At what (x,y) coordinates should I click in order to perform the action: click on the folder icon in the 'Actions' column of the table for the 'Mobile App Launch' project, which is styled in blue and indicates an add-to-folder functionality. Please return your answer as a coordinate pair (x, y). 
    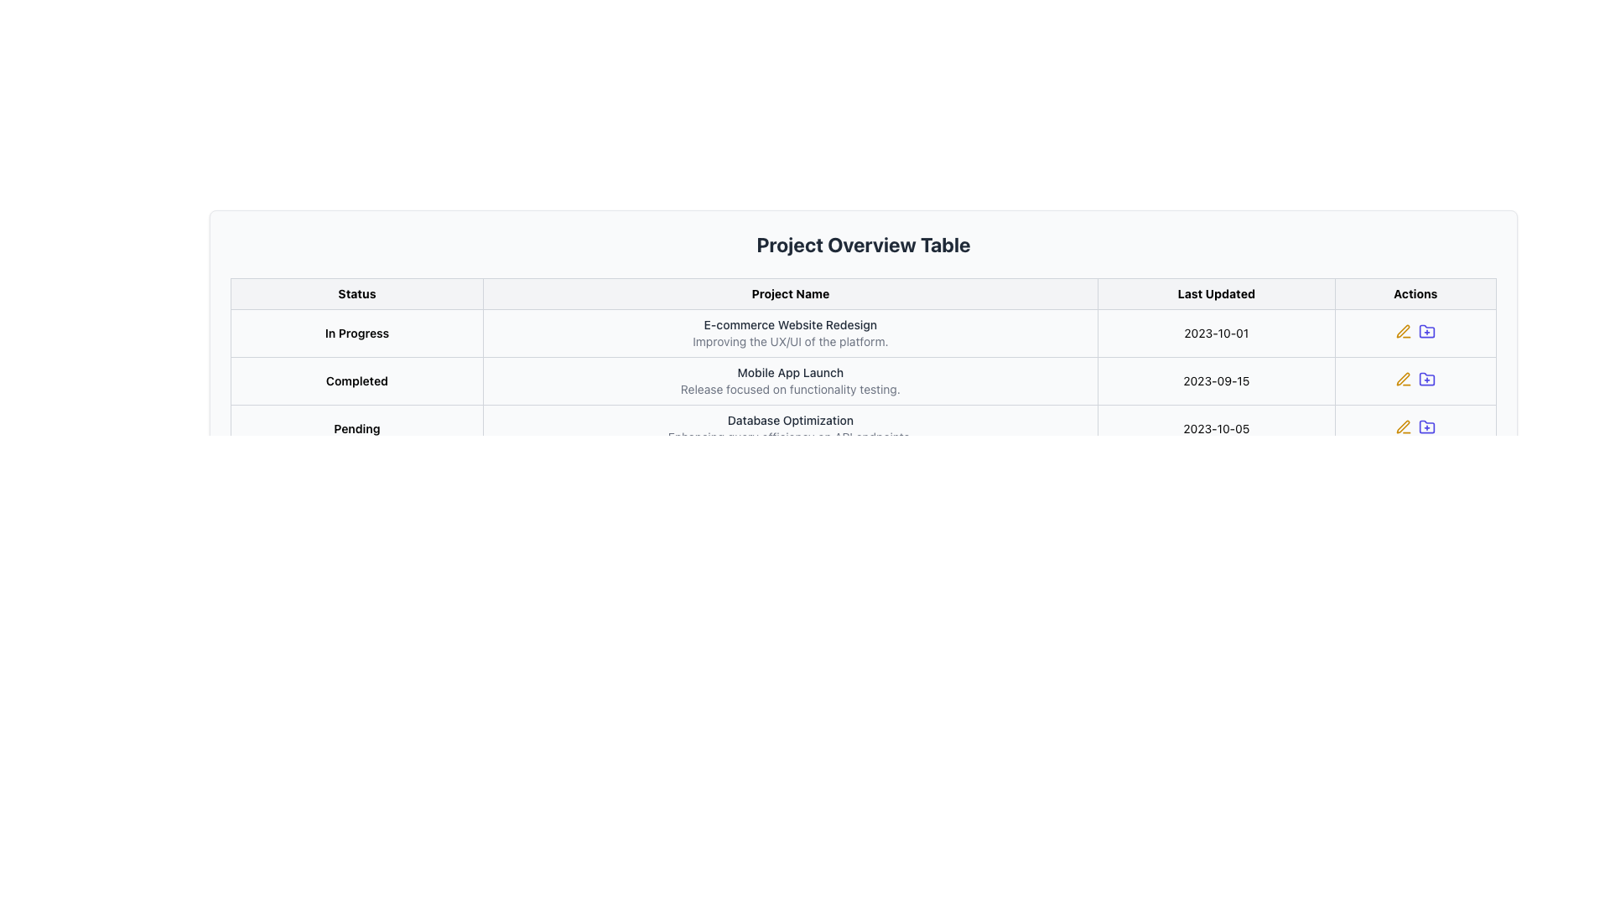
    Looking at the image, I should click on (1415, 381).